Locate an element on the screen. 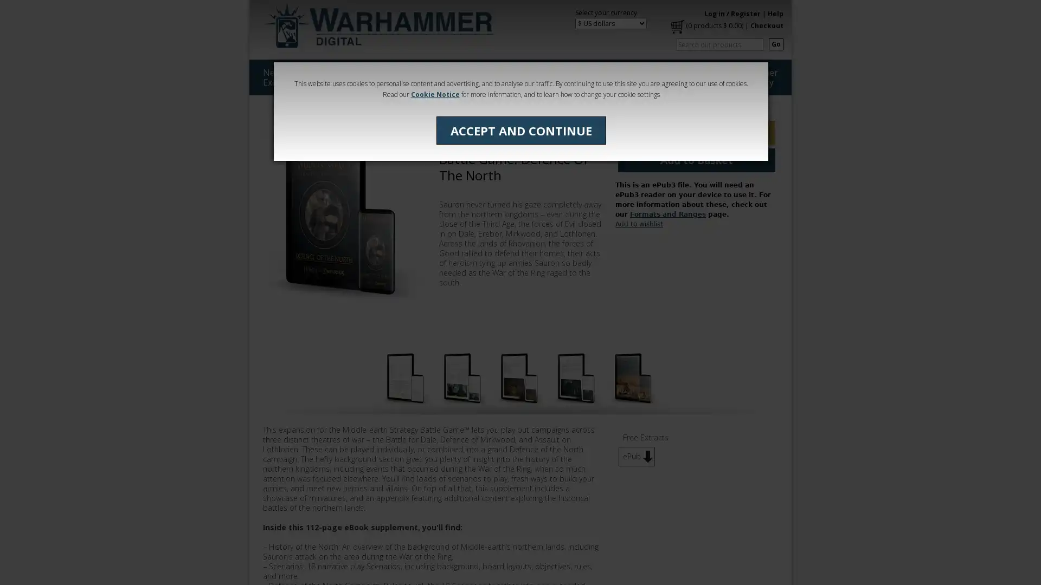 This screenshot has width=1041, height=585. Go is located at coordinates (775, 43).